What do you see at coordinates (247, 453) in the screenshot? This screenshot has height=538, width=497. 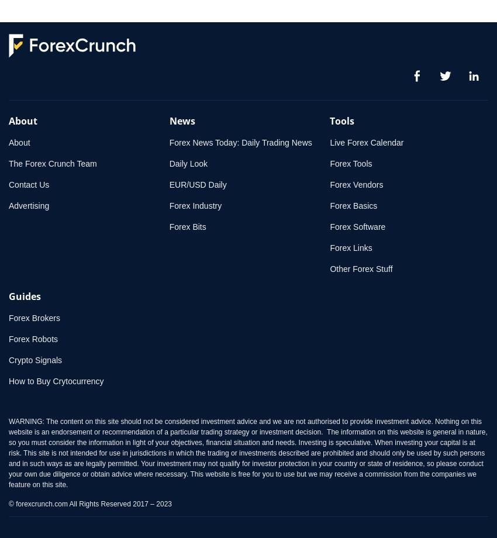 I see `'WARNING: The content on this site should not be considered investment advice and we are not authorised to provide investment advice. Nothing on this website is an endorsement or recommendation of a particular trading strategy or investment decision.  The information on this website is general in nature, so you must consider the information in light of your objectives, financial situation and needs. Investing is speculative. When investing your capital is at risk. This site is not intended for use in jurisdictions in which the trading or investments described are prohibited and should only be used by such persons and in such ways as are legally permitted. Your investment may not qualify for investor protection in your country or state of residence, so please conduct your own due diligence or obtain advice where necessary. This website is free for you to use but we may receive a commission from the companies we feature on this site.'` at bounding box center [247, 453].